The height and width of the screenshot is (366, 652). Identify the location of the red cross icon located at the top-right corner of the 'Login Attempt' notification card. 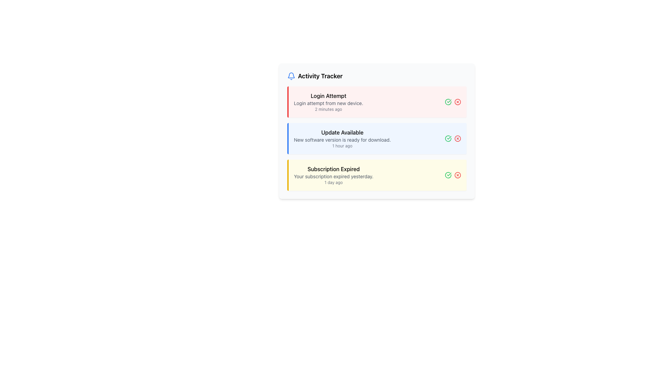
(453, 102).